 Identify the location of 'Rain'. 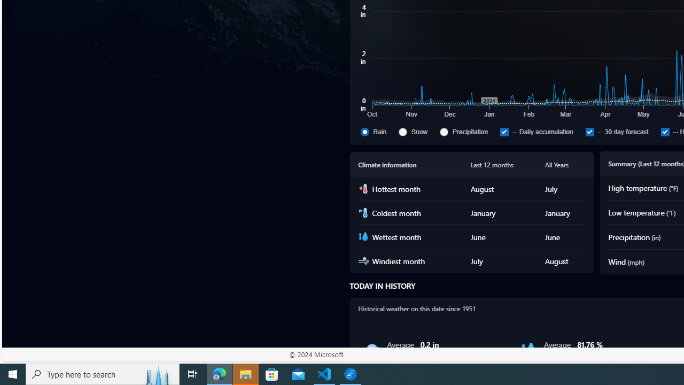
(377, 131).